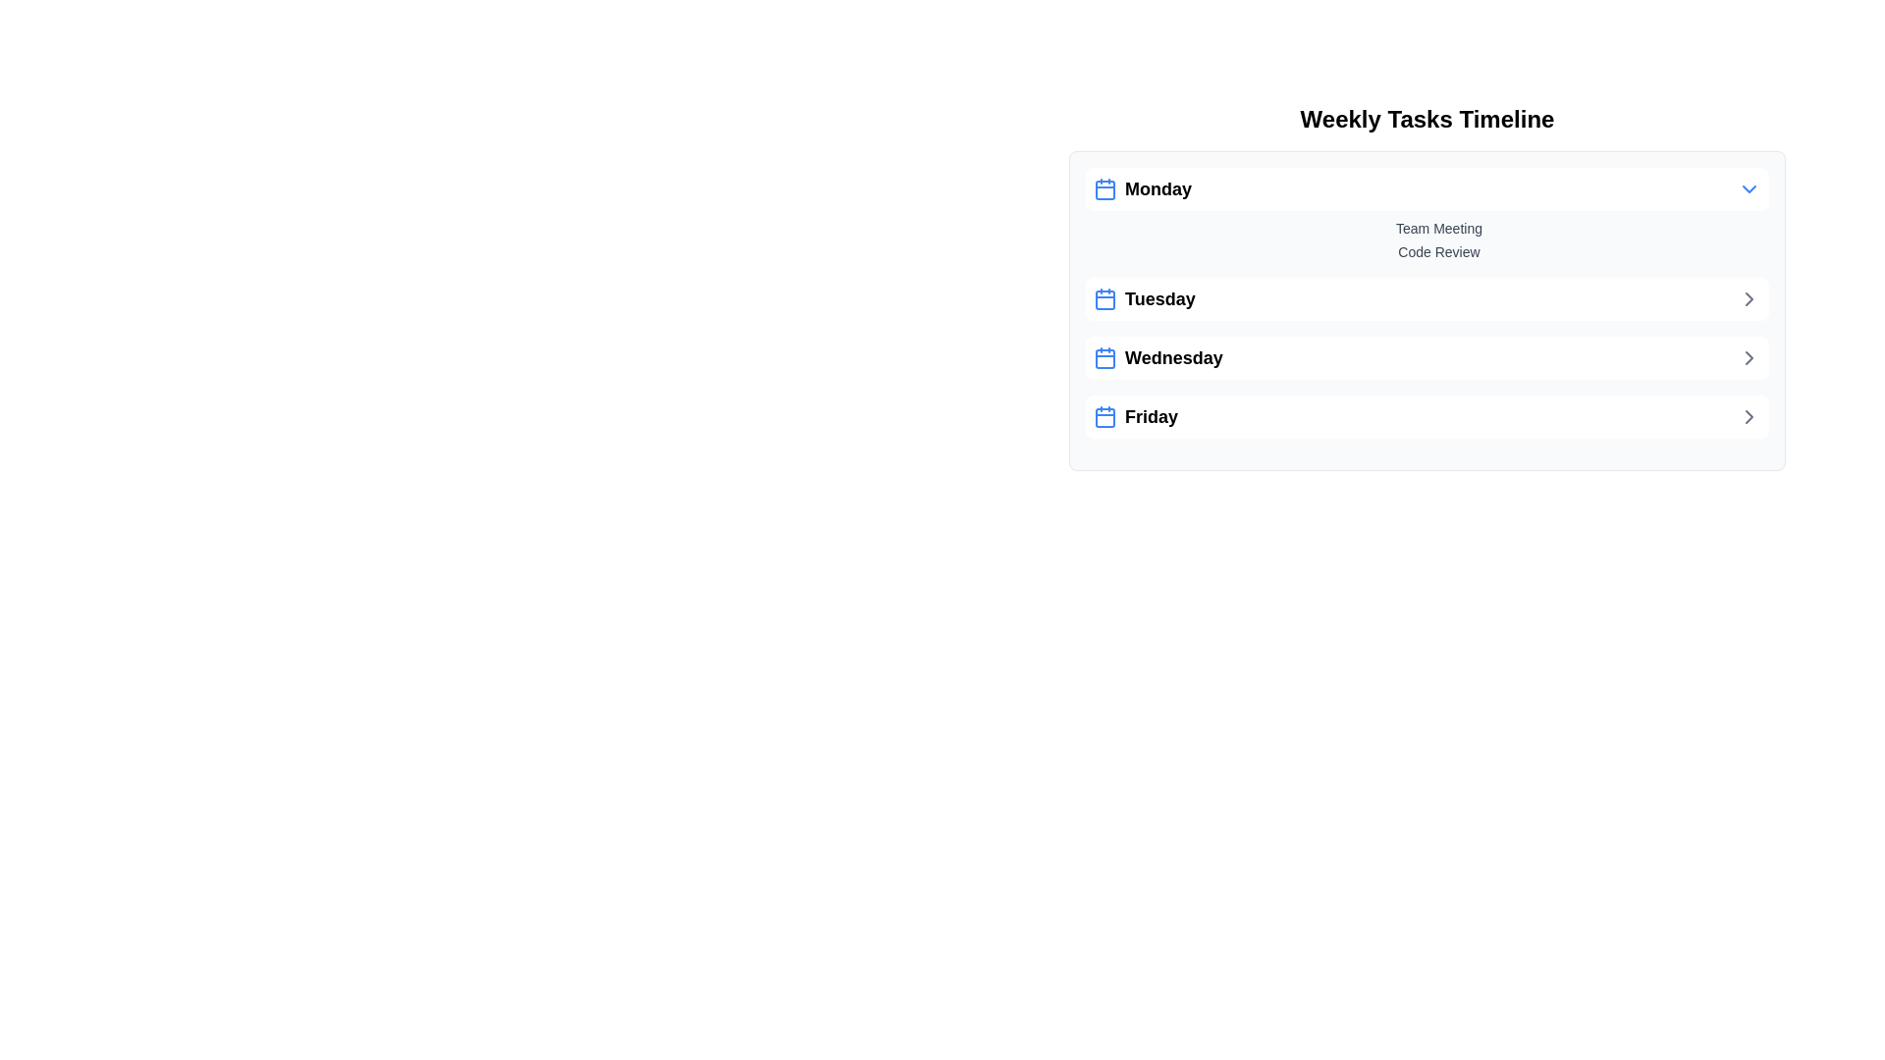 This screenshot has width=1885, height=1060. I want to click on the navigation icon located in the second row corresponding to 'Tuesday' to initiate an action, so click(1749, 298).